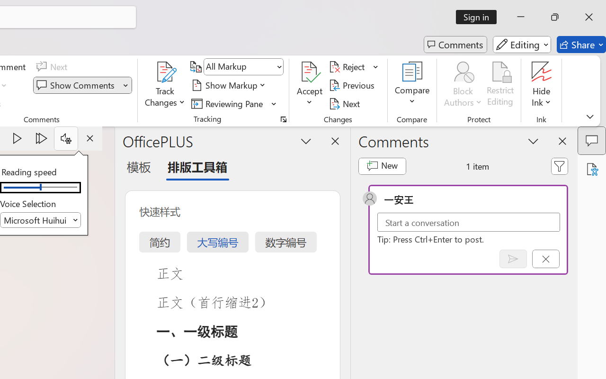 The width and height of the screenshot is (606, 379). I want to click on 'Restrict Editing', so click(500, 85).